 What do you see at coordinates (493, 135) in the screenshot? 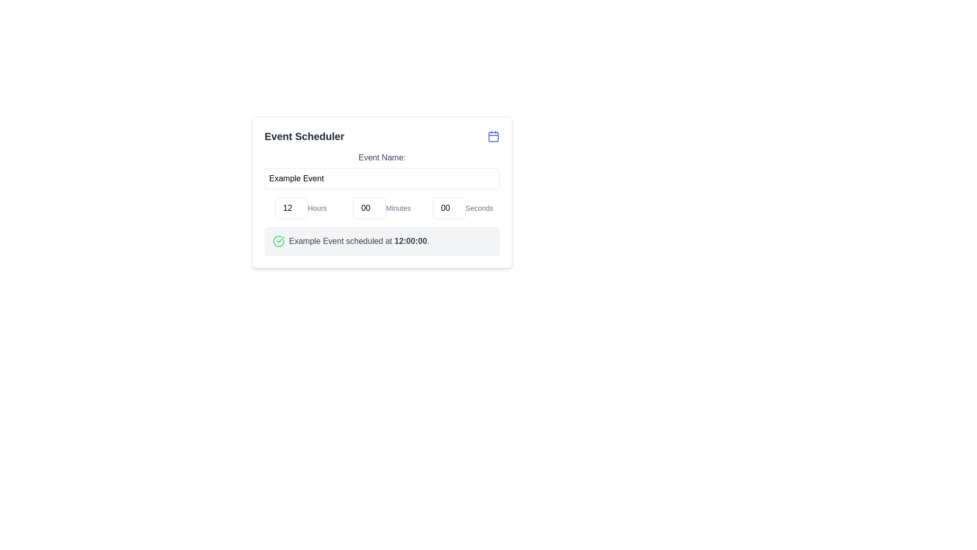
I see `the indigo outline calendar icon located in the top-right corner of the 'Event Scheduler' section` at bounding box center [493, 135].